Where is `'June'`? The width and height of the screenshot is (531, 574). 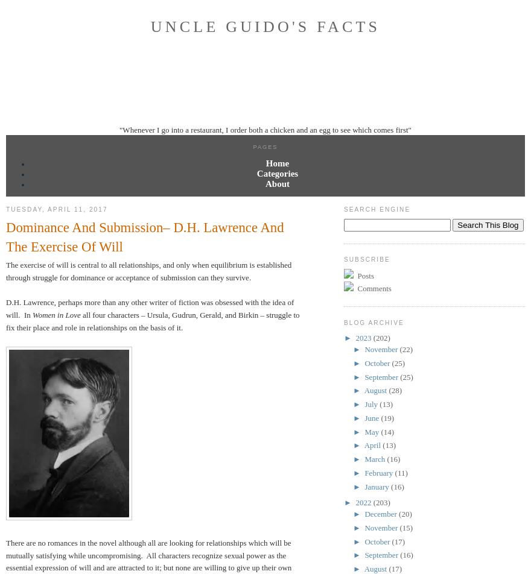
'June' is located at coordinates (364, 417).